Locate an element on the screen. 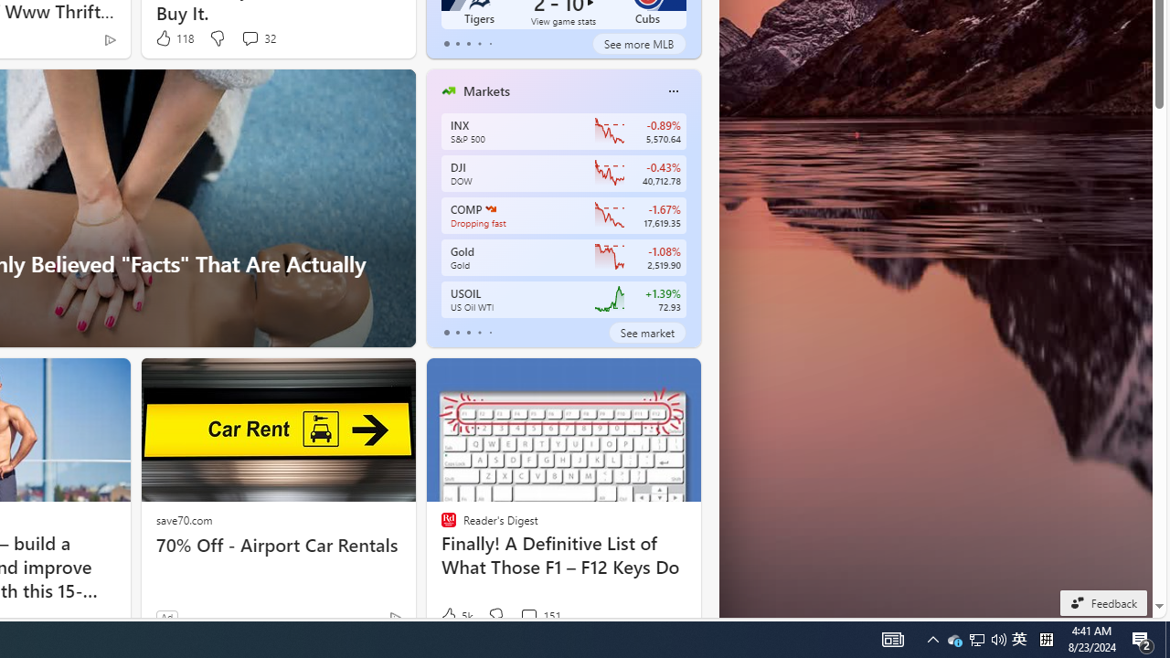 The width and height of the screenshot is (1170, 658). 'View comments 151 Comment' is located at coordinates (527, 615).